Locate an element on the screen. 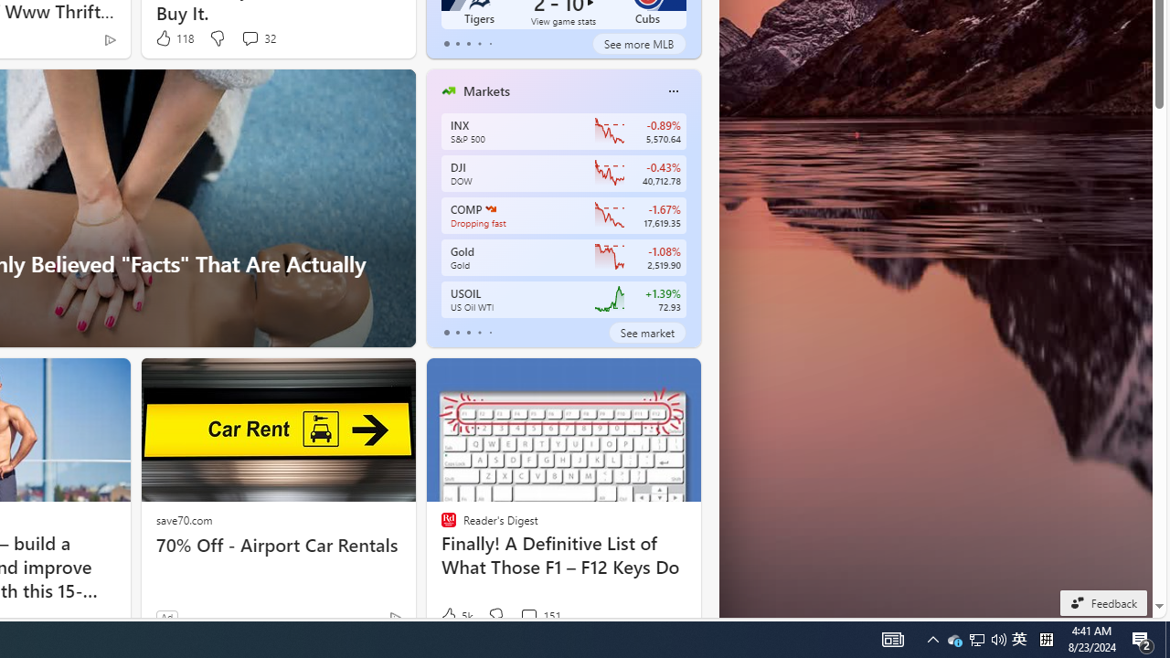 The width and height of the screenshot is (1170, 658). 'View comments 151 Comment' is located at coordinates (527, 615).